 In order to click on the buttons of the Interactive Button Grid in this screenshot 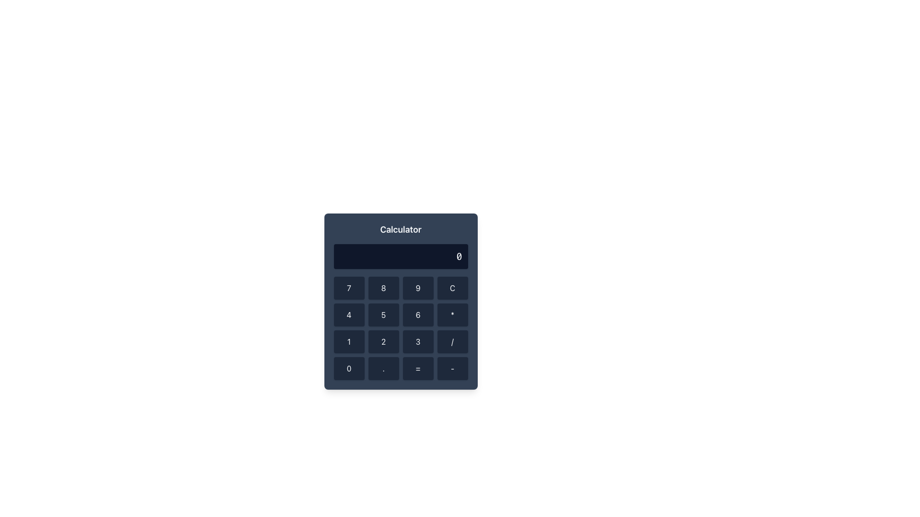, I will do `click(401, 328)`.